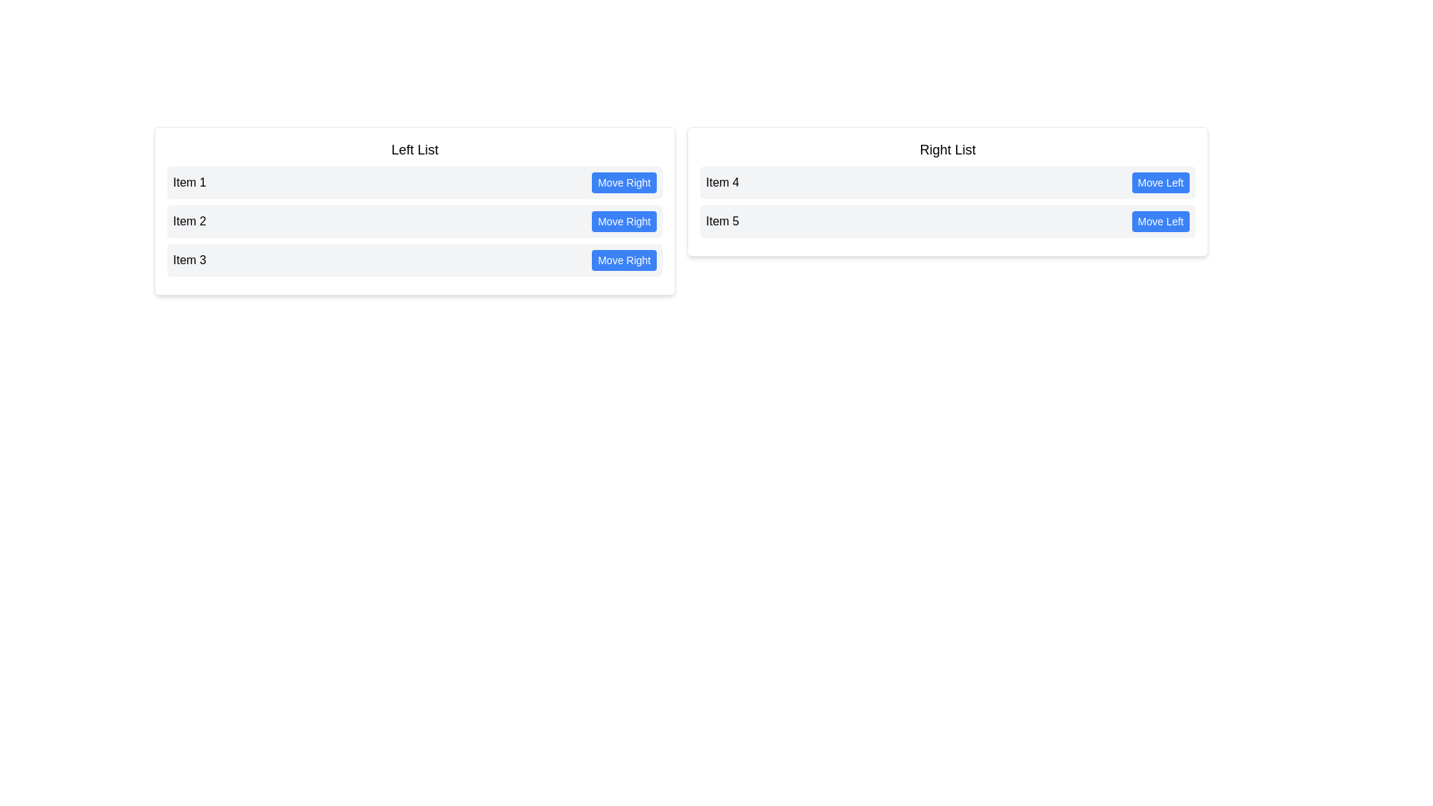 The height and width of the screenshot is (806, 1433). I want to click on 'Move Right' button for the item Item 2 in the left list, so click(624, 222).